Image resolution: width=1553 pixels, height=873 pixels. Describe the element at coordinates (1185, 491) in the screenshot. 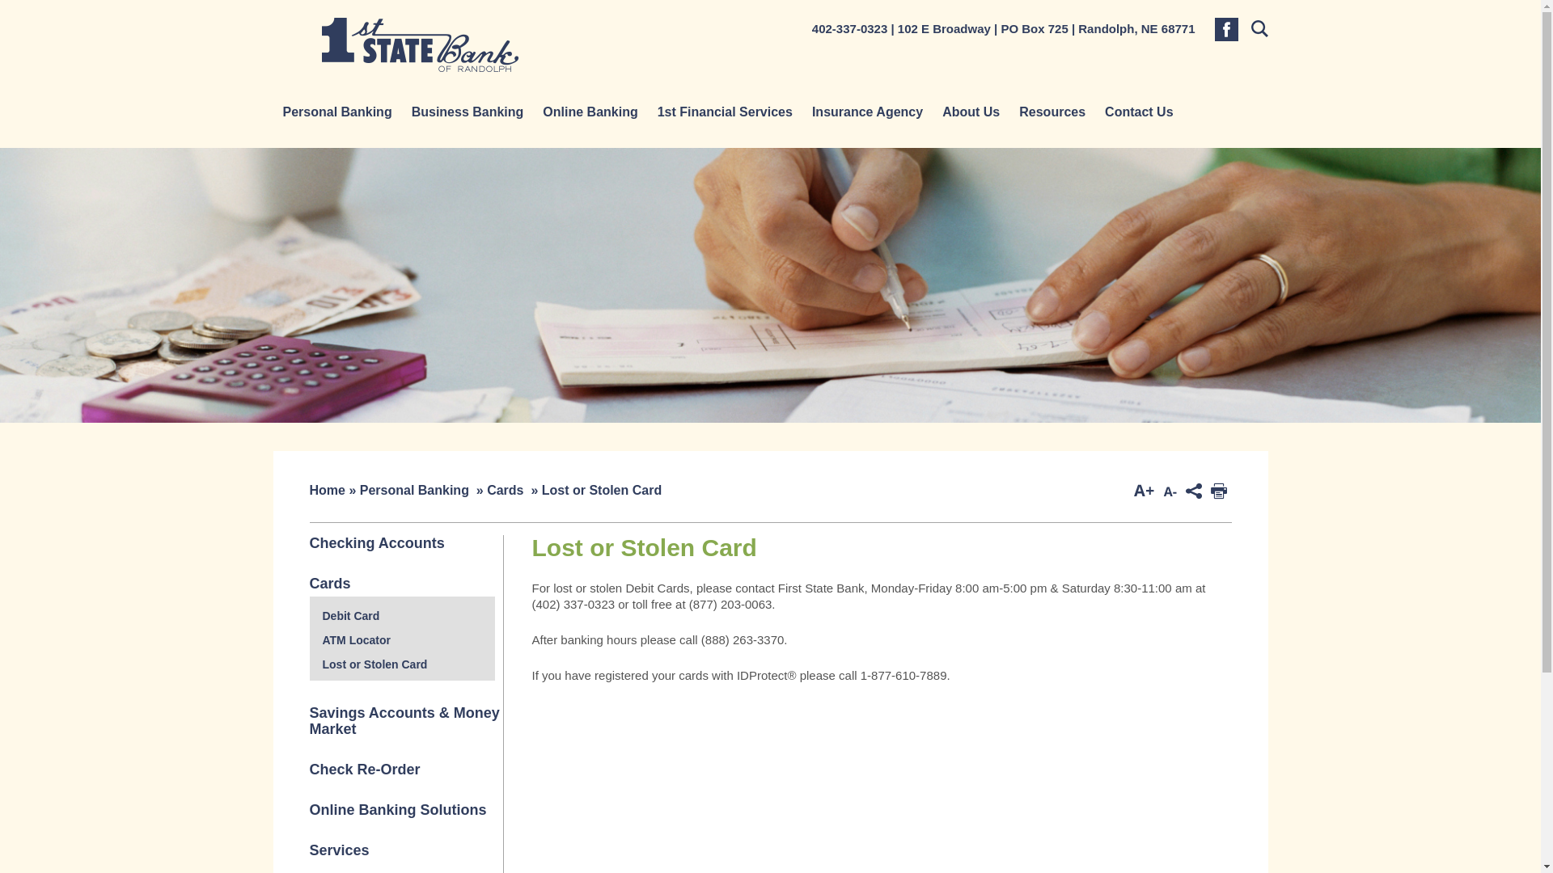

I see `'ShareThis'` at that location.